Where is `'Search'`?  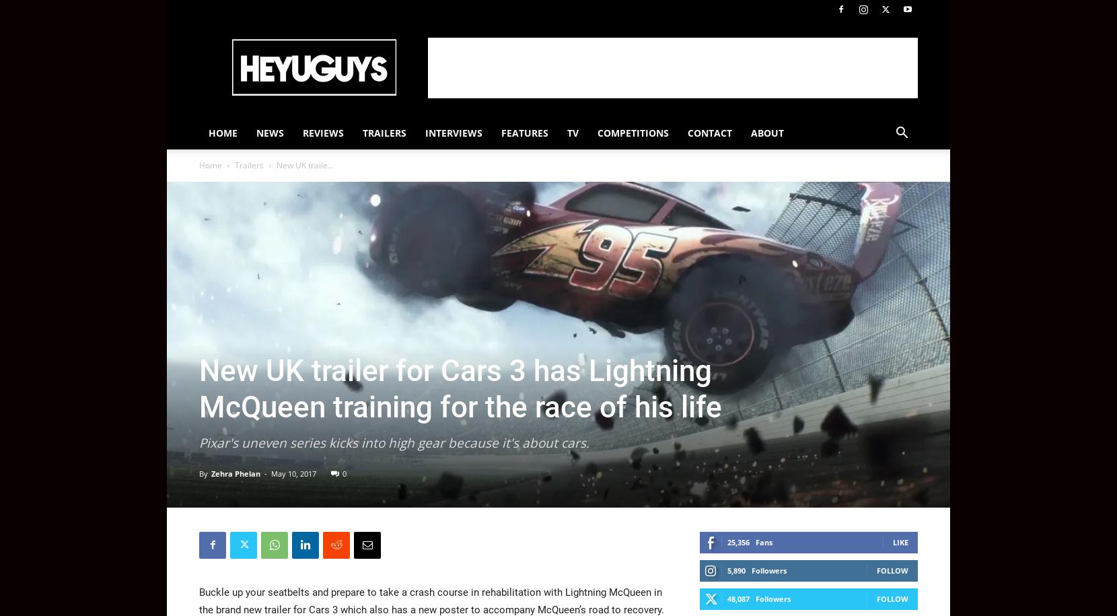
'Search' is located at coordinates (558, 67).